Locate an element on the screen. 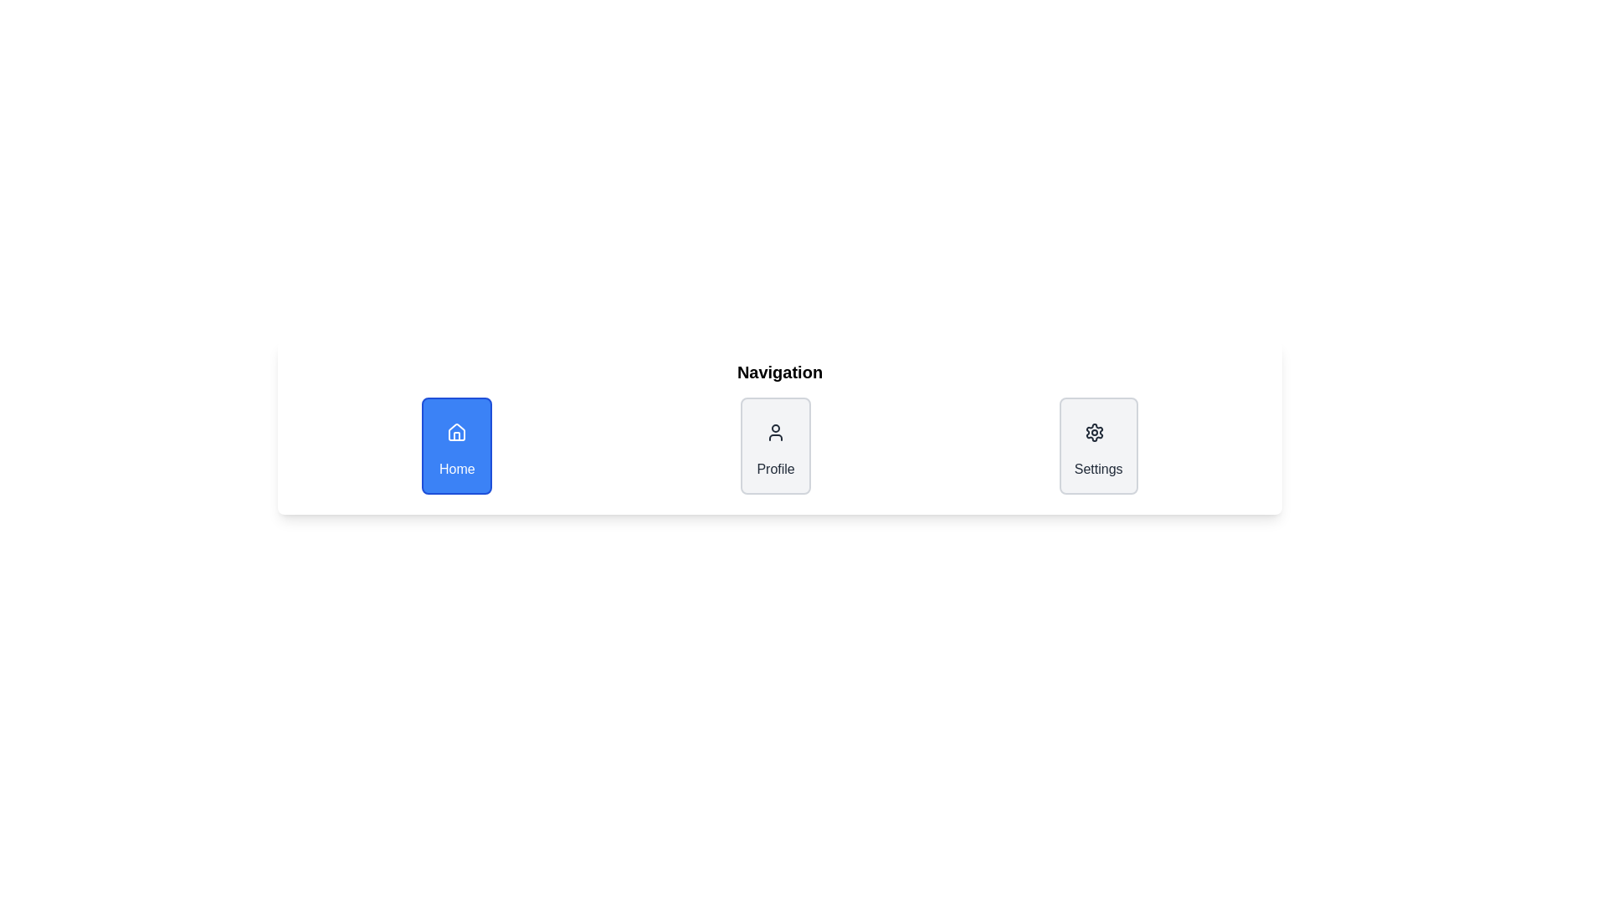  the 'Profile' navigation card, which features a centered profile icon and the text 'Profile' in bold is located at coordinates (775, 444).